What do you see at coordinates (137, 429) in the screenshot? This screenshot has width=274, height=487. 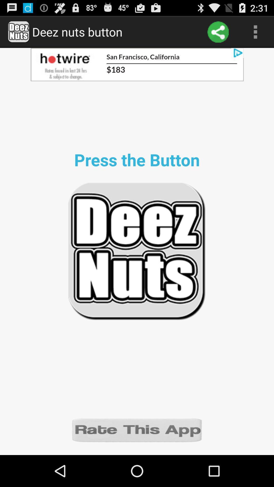 I see `rate the app` at bounding box center [137, 429].